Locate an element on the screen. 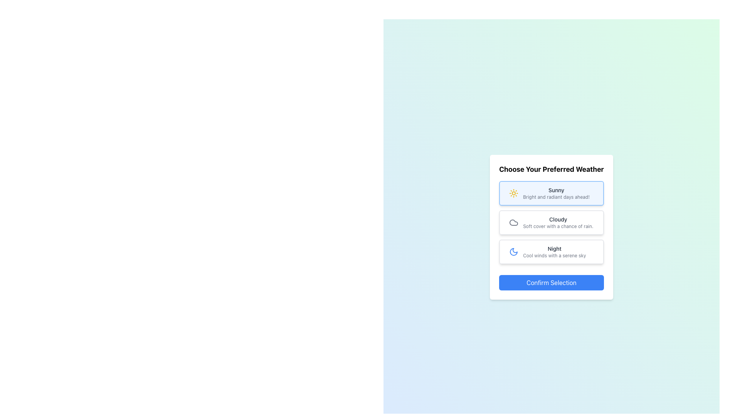 Image resolution: width=740 pixels, height=416 pixels. the crescent moon icon, which is the third weather option in the selection interface is located at coordinates (514, 252).